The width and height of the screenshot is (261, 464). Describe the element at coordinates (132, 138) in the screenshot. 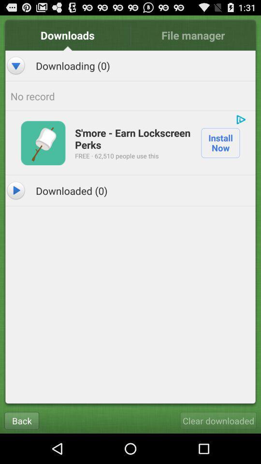

I see `item below the no record item` at that location.